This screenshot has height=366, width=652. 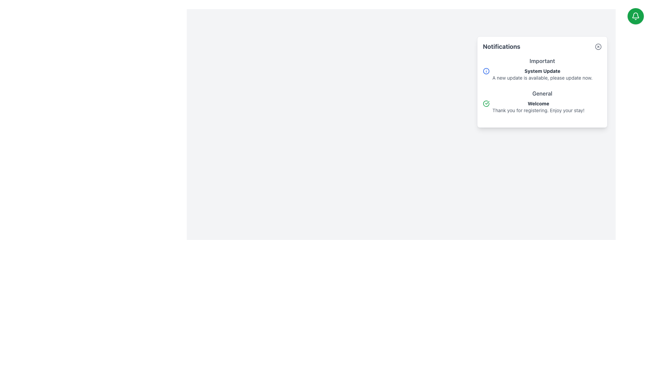 What do you see at coordinates (598, 46) in the screenshot?
I see `the close button located at the top-right corner of the Notifications panel to observe the feedback` at bounding box center [598, 46].